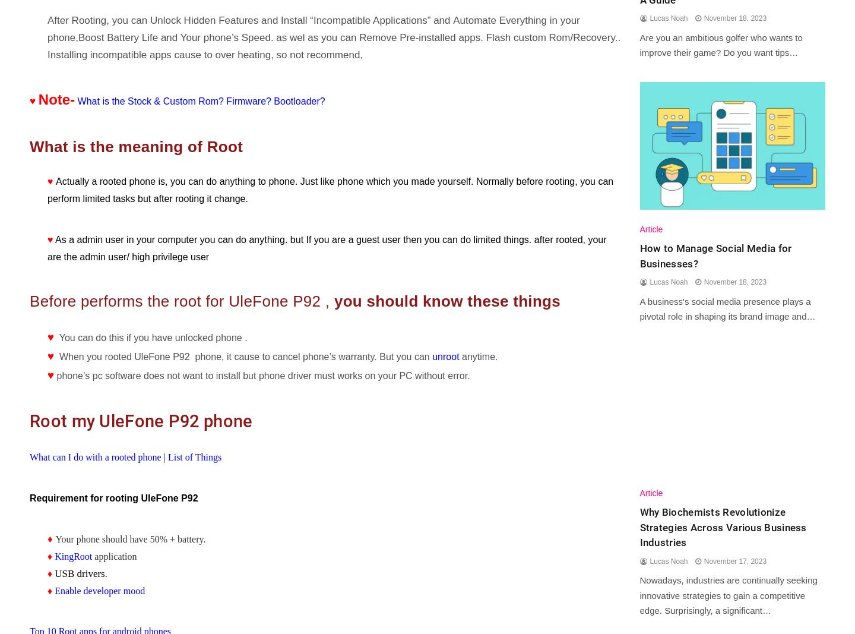 The image size is (855, 634). Describe the element at coordinates (91, 556) in the screenshot. I see `'application'` at that location.